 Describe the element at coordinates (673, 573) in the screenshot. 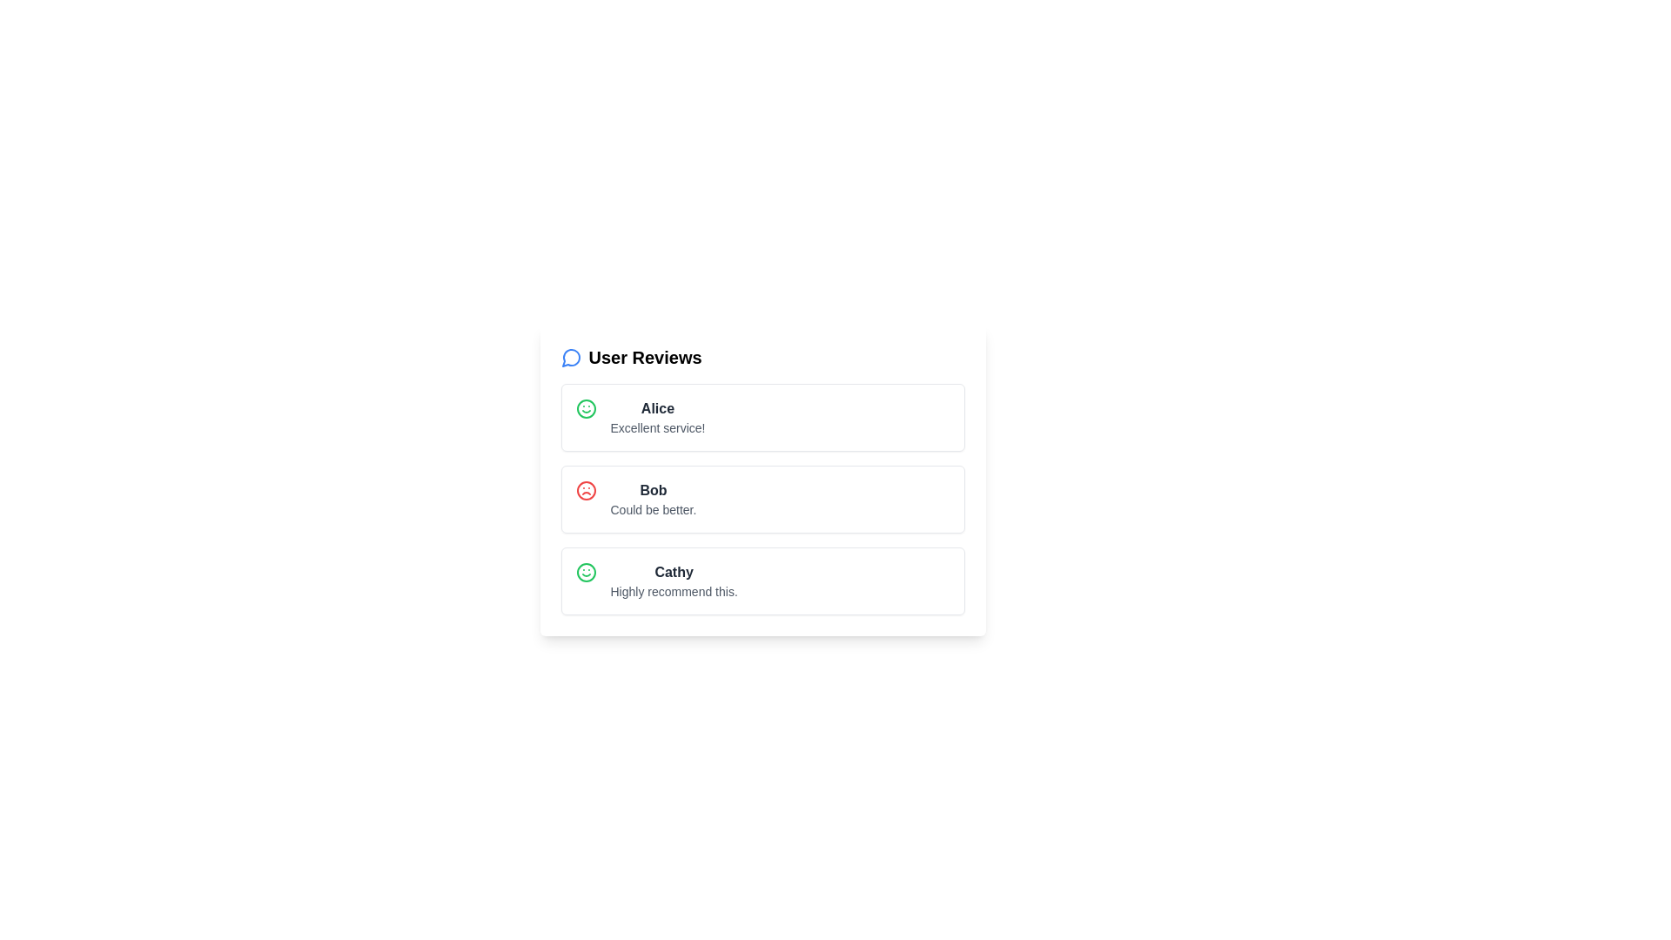

I see `the username text for Cathy` at that location.